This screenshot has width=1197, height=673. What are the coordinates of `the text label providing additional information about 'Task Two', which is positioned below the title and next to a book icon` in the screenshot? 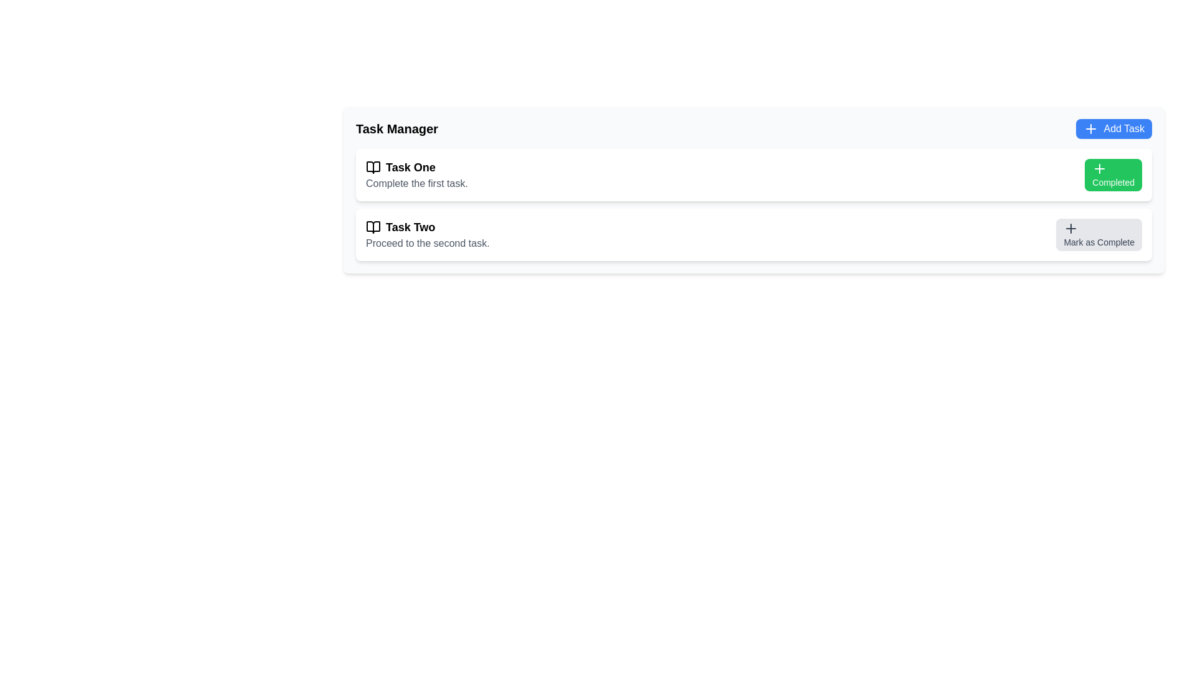 It's located at (428, 243).